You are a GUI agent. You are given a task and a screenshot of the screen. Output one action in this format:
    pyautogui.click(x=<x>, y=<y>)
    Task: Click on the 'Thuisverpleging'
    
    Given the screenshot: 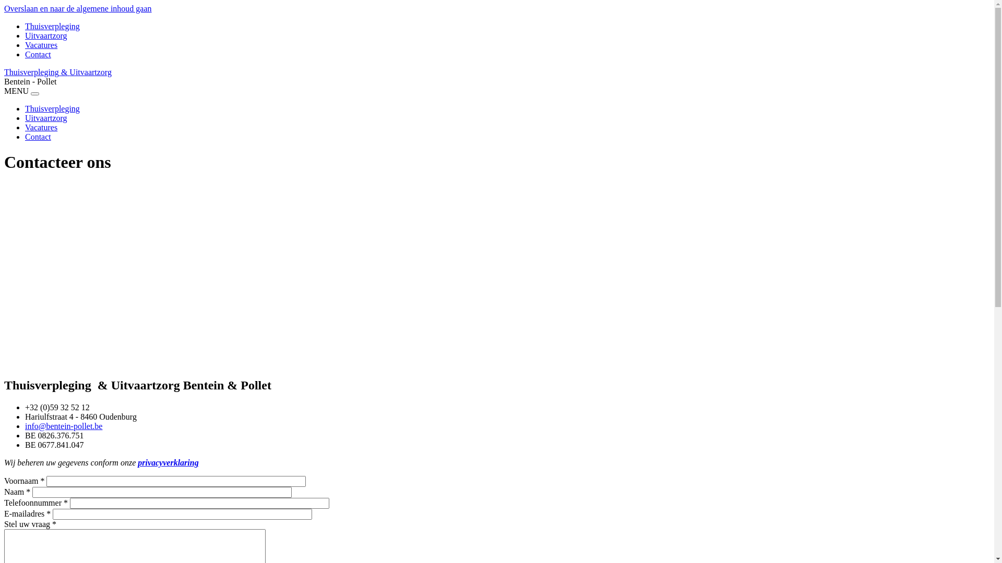 What is the action you would take?
    pyautogui.click(x=52, y=108)
    